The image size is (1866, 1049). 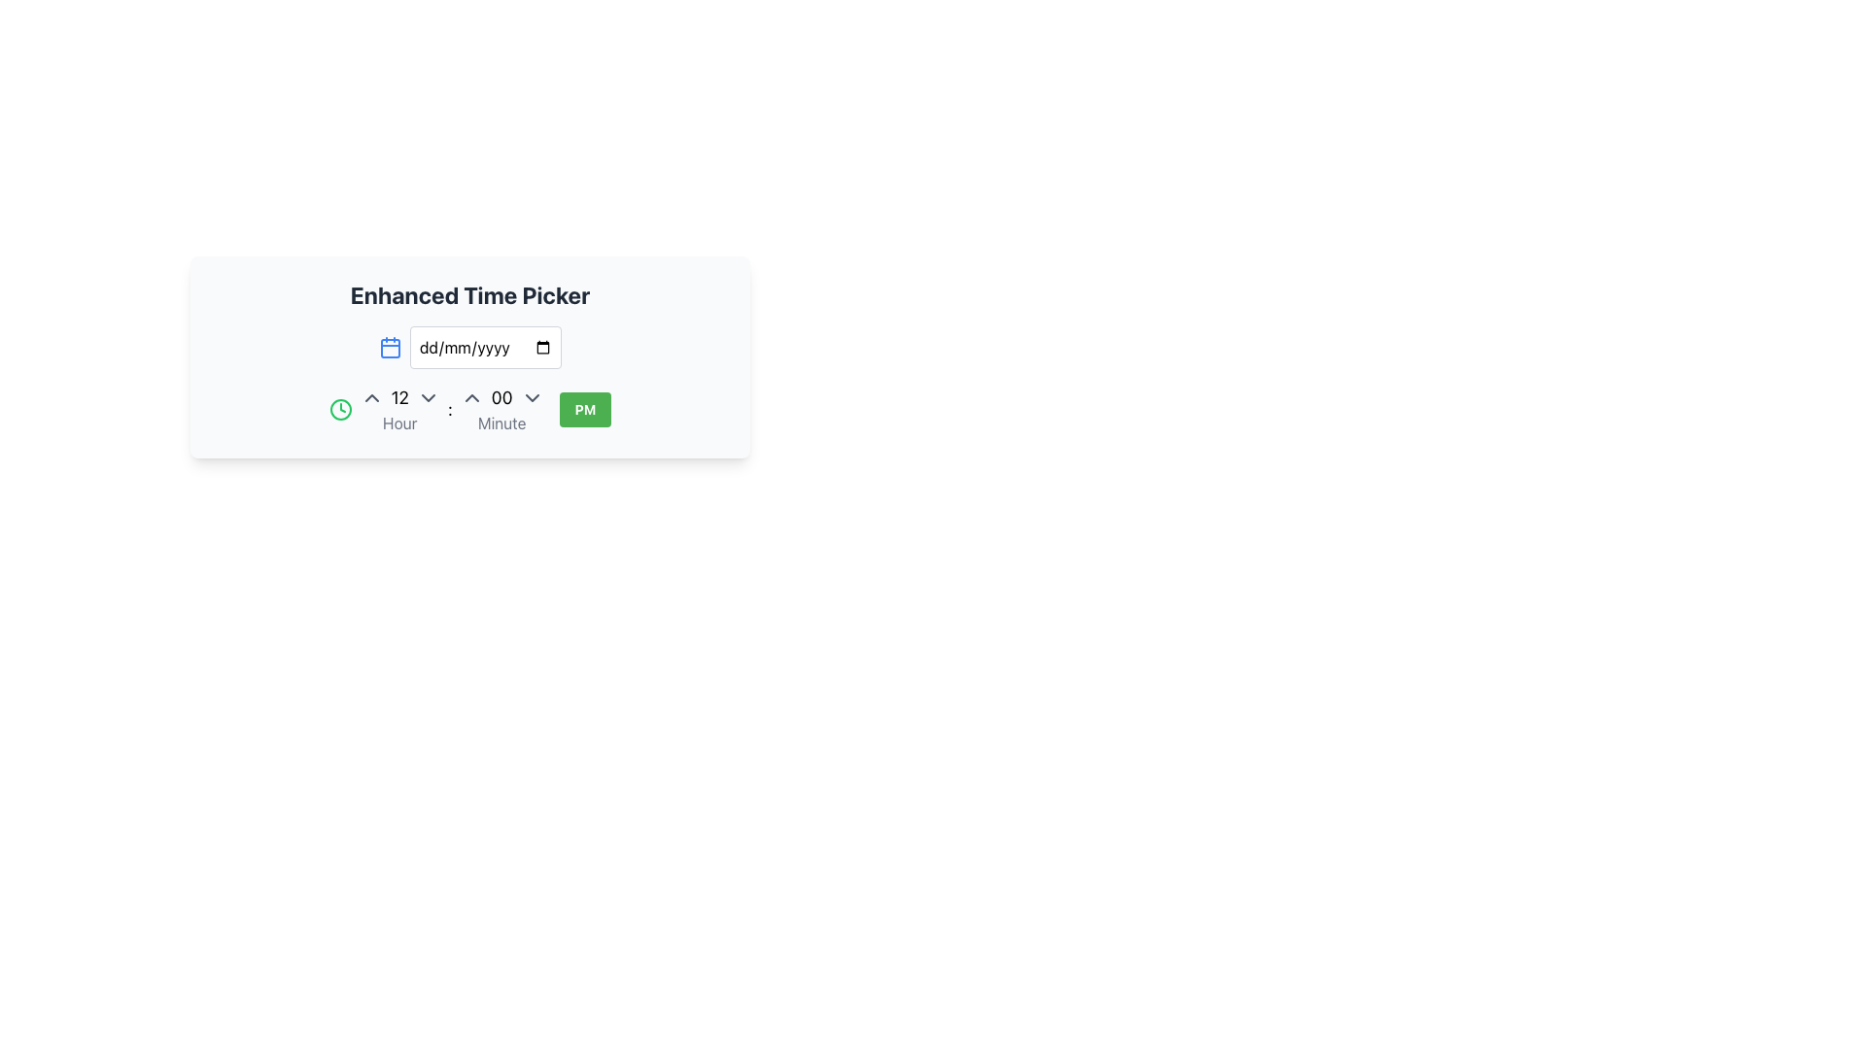 What do you see at coordinates (532, 396) in the screenshot?
I see `the downward-facing chevron icon for the dropdown control` at bounding box center [532, 396].